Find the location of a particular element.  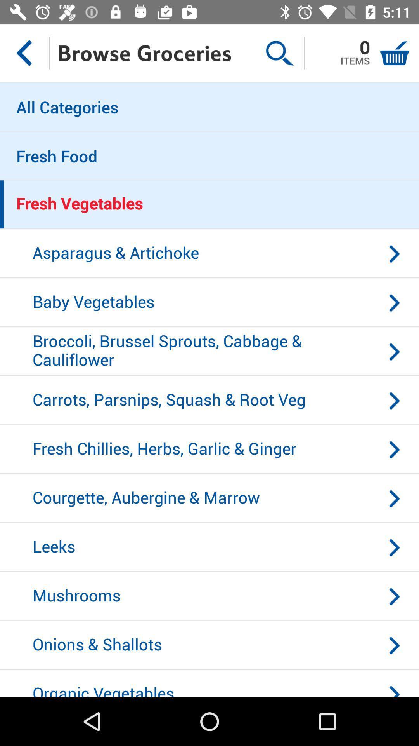

the baby vegetables item is located at coordinates (209, 302).